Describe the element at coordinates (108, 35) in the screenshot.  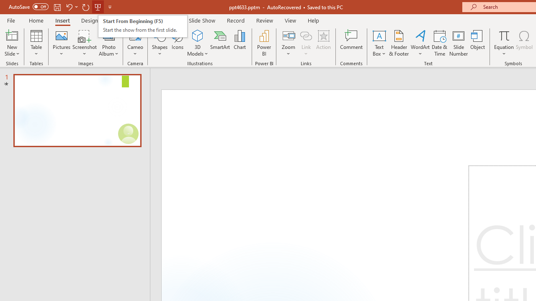
I see `'New Photo Album...'` at that location.